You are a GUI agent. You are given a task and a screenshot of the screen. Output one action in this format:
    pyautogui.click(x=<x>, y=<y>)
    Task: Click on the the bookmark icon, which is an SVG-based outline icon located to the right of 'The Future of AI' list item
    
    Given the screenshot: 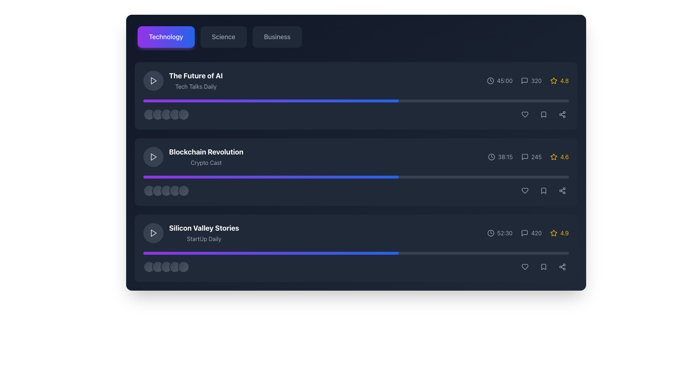 What is the action you would take?
    pyautogui.click(x=543, y=114)
    